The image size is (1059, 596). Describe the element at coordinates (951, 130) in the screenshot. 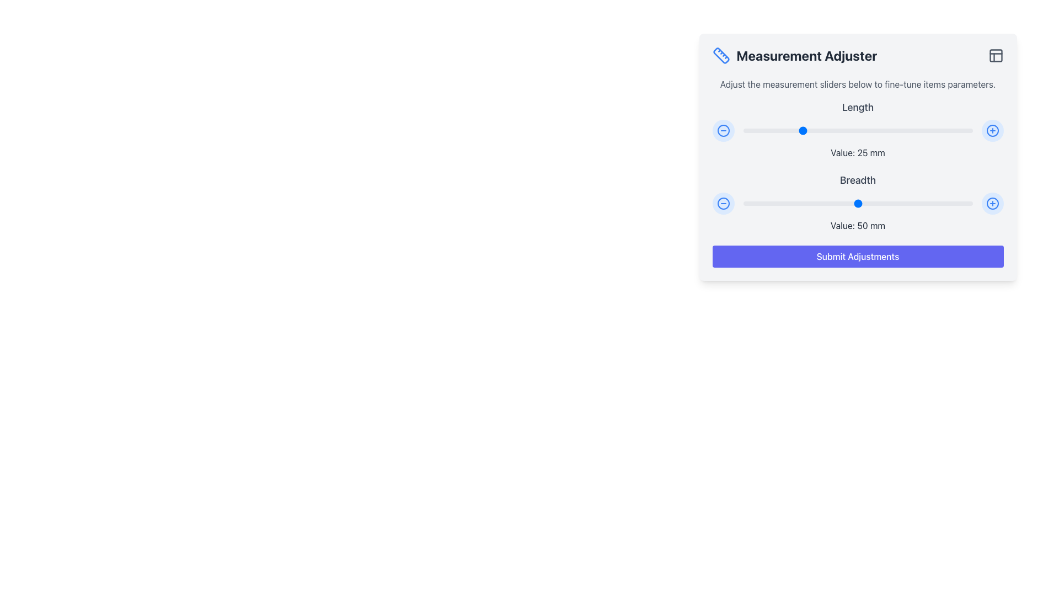

I see `the length` at that location.